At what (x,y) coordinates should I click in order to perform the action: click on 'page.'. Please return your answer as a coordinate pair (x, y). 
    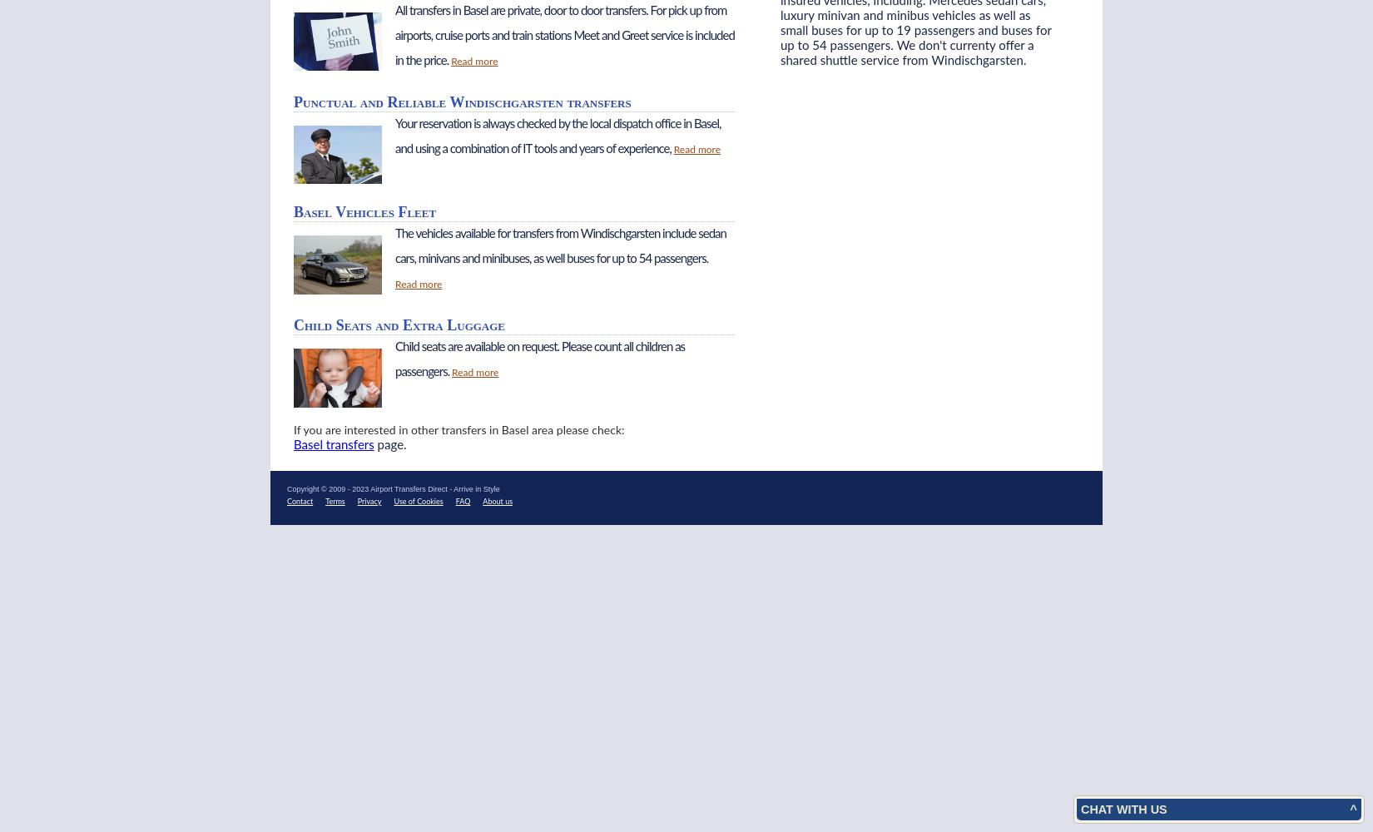
    Looking at the image, I should click on (389, 444).